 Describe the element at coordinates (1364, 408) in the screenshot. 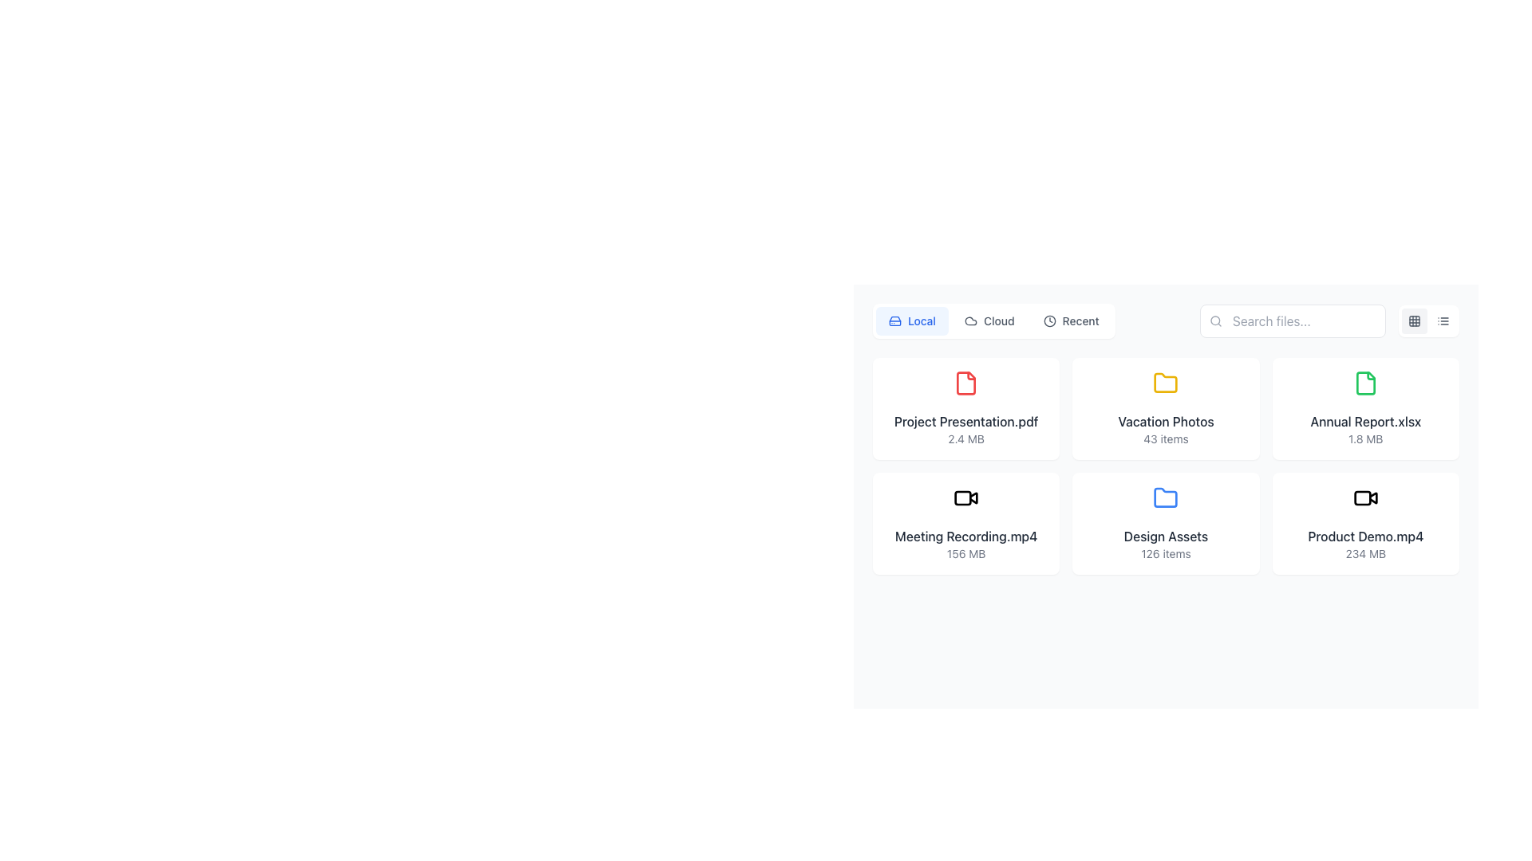

I see `the File representation component for 'Annual Report.xlsx' located in the top-right corner of the layout grid` at that location.